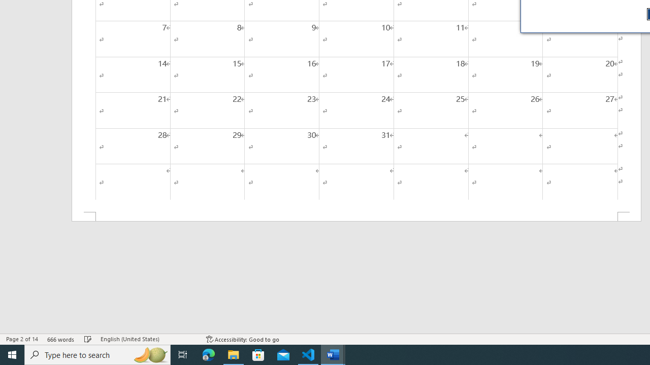 This screenshot has width=650, height=365. What do you see at coordinates (88, 339) in the screenshot?
I see `'Spelling and Grammar Check Checking'` at bounding box center [88, 339].